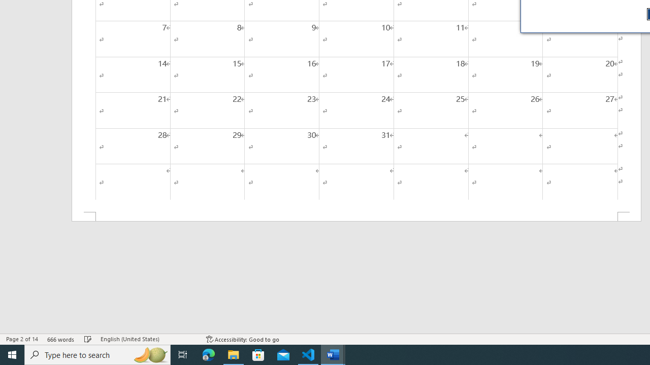 This screenshot has width=650, height=365. What do you see at coordinates (88, 339) in the screenshot?
I see `'Spelling and Grammar Check Checking'` at bounding box center [88, 339].